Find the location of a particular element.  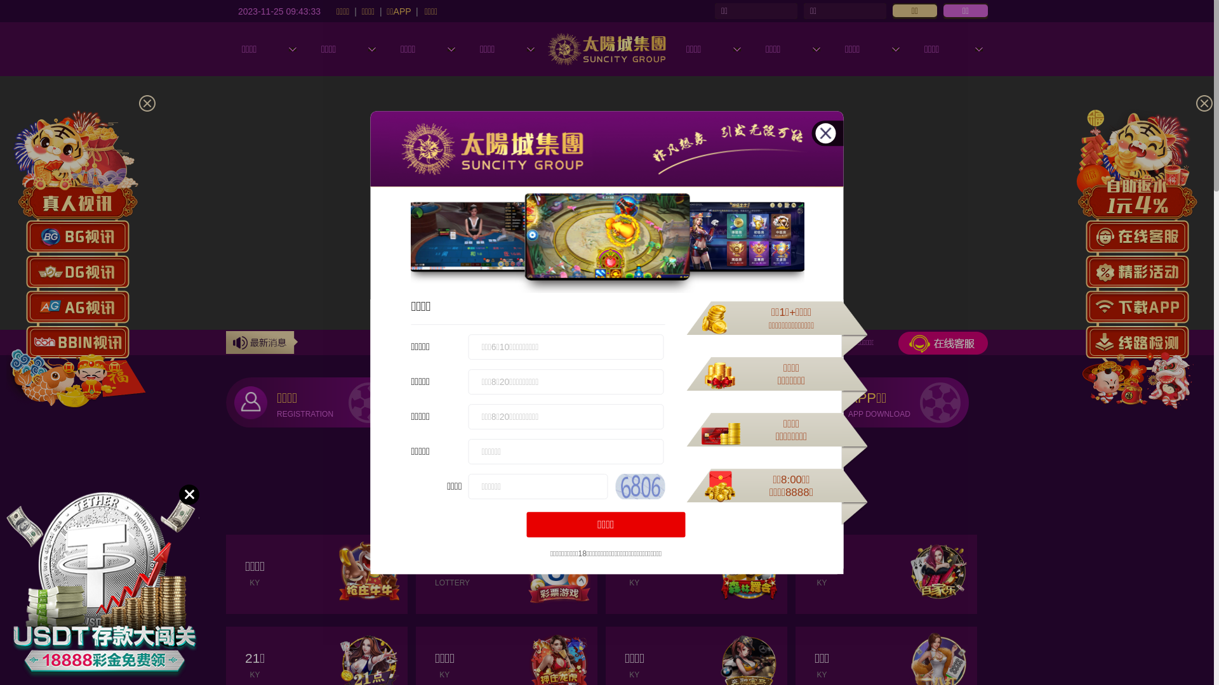

'2023-11-25 09:43:31' is located at coordinates (279, 10).